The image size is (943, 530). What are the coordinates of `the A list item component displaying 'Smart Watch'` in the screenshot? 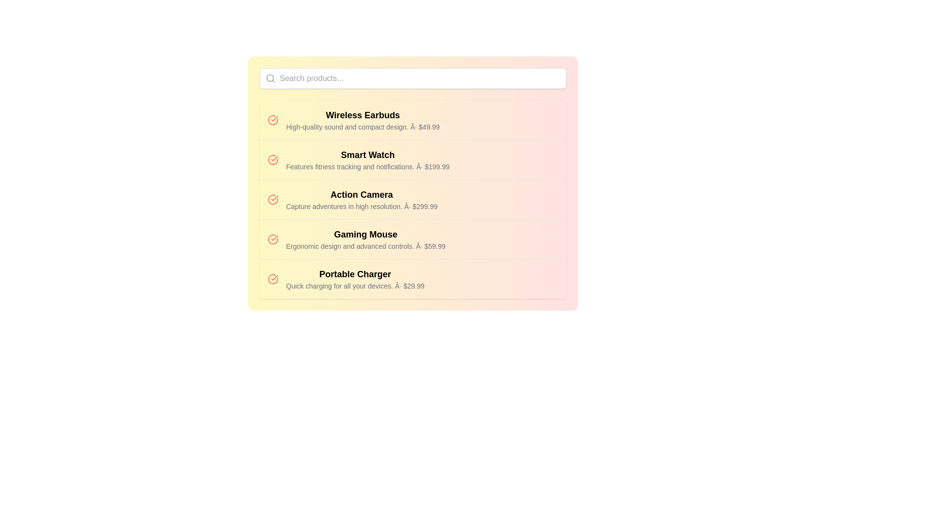 It's located at (413, 159).